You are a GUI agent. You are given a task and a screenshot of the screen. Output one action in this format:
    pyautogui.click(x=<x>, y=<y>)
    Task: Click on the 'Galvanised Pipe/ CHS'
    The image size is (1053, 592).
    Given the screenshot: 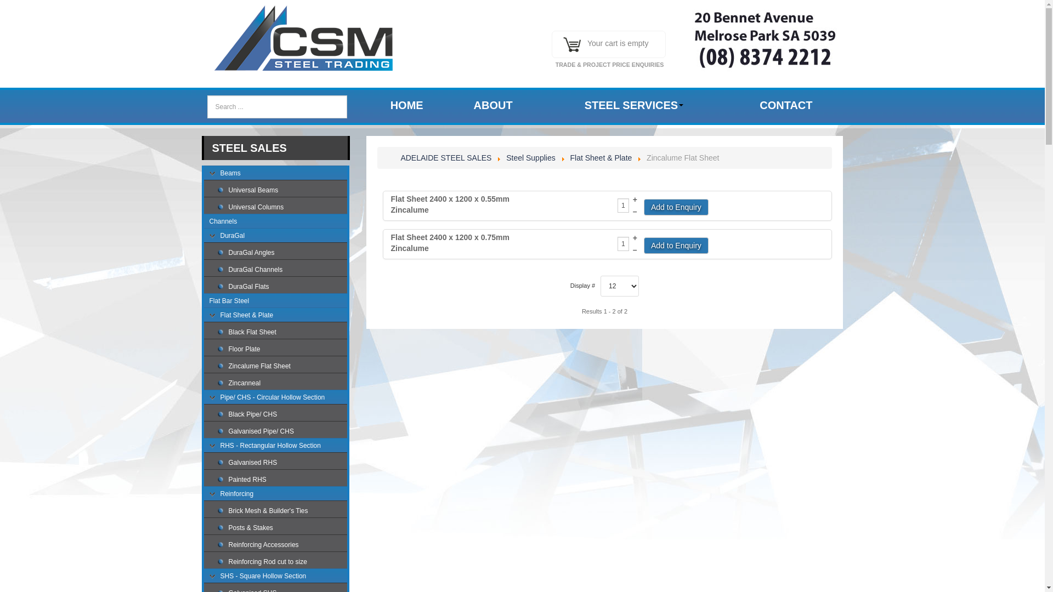 What is the action you would take?
    pyautogui.click(x=282, y=432)
    